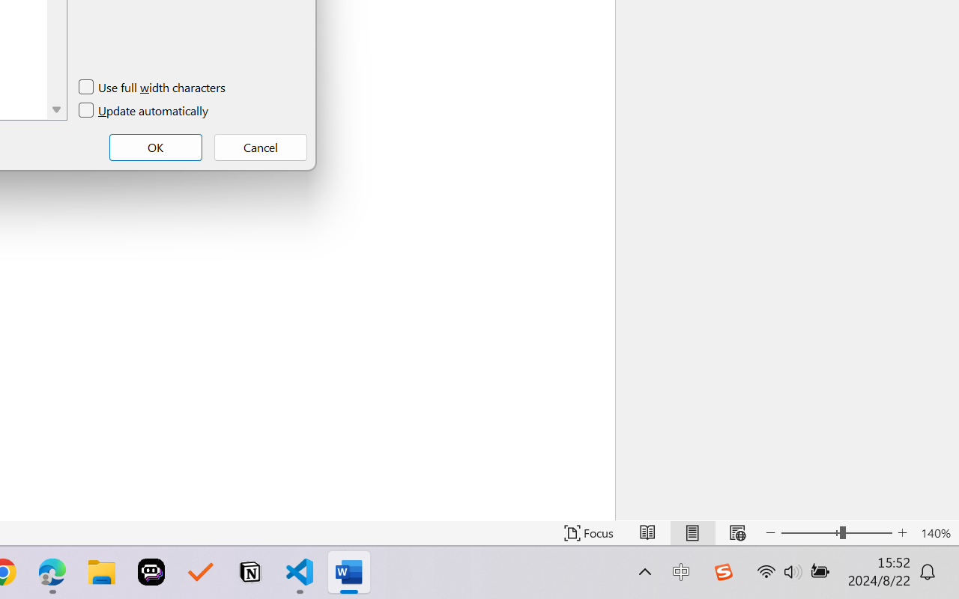  Describe the element at coordinates (902, 532) in the screenshot. I see `'Zoom In'` at that location.